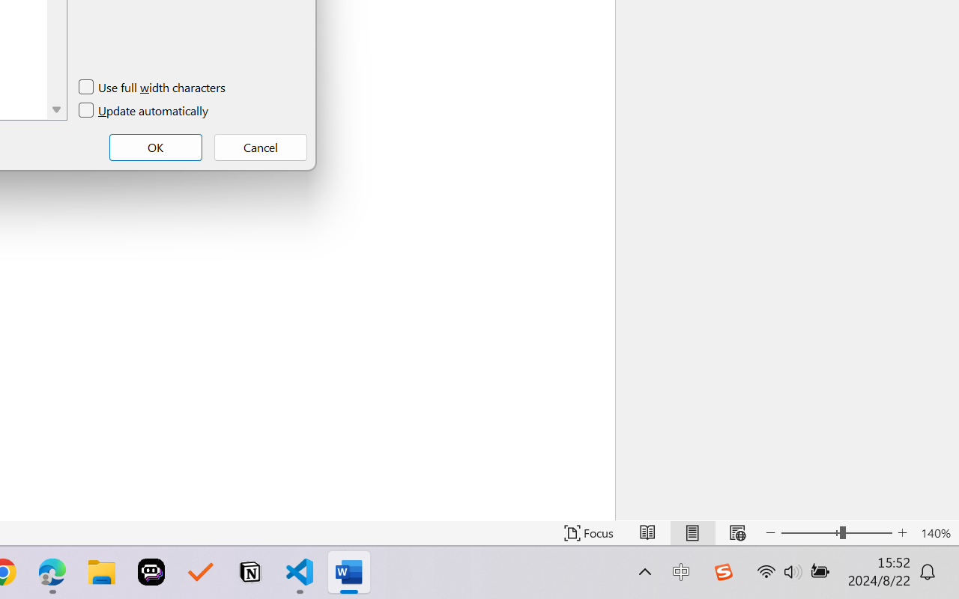  Describe the element at coordinates (902, 532) in the screenshot. I see `'Zoom In'` at that location.